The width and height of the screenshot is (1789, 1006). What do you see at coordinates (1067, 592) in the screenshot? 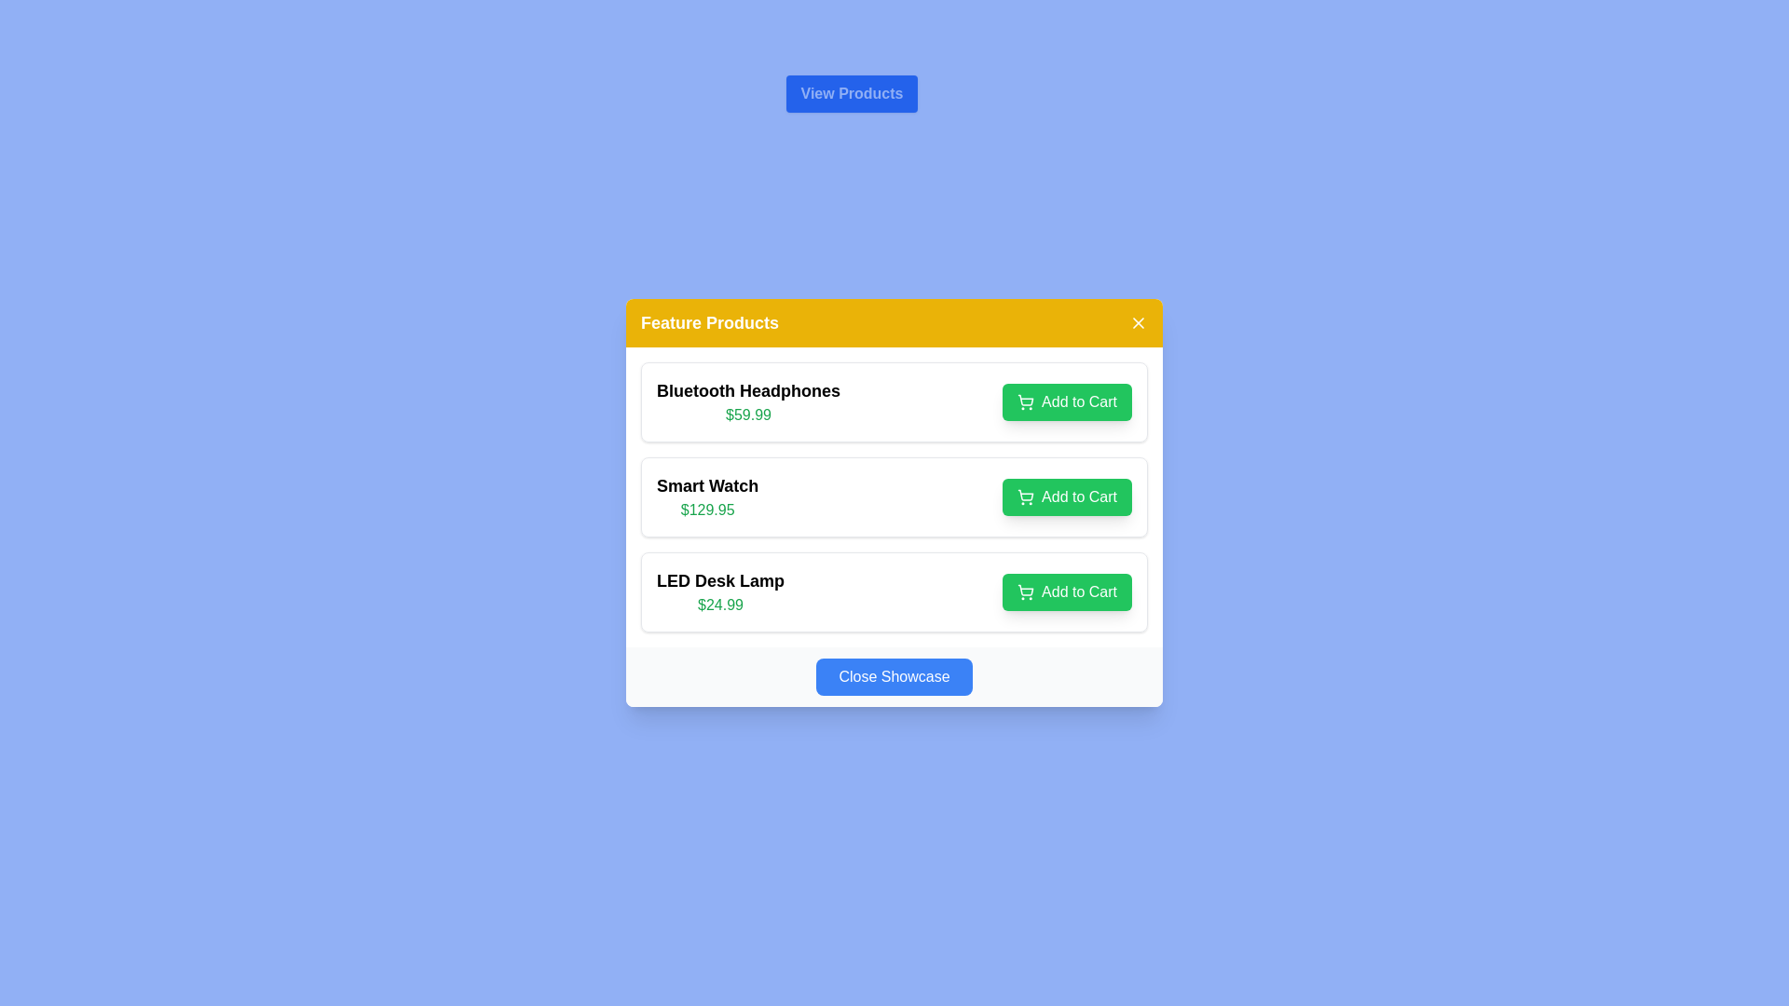
I see `the green 'Add to Cart' button with rounded edges located in the lower-right corner of the 'LED Desk Lamp' product entry` at bounding box center [1067, 592].